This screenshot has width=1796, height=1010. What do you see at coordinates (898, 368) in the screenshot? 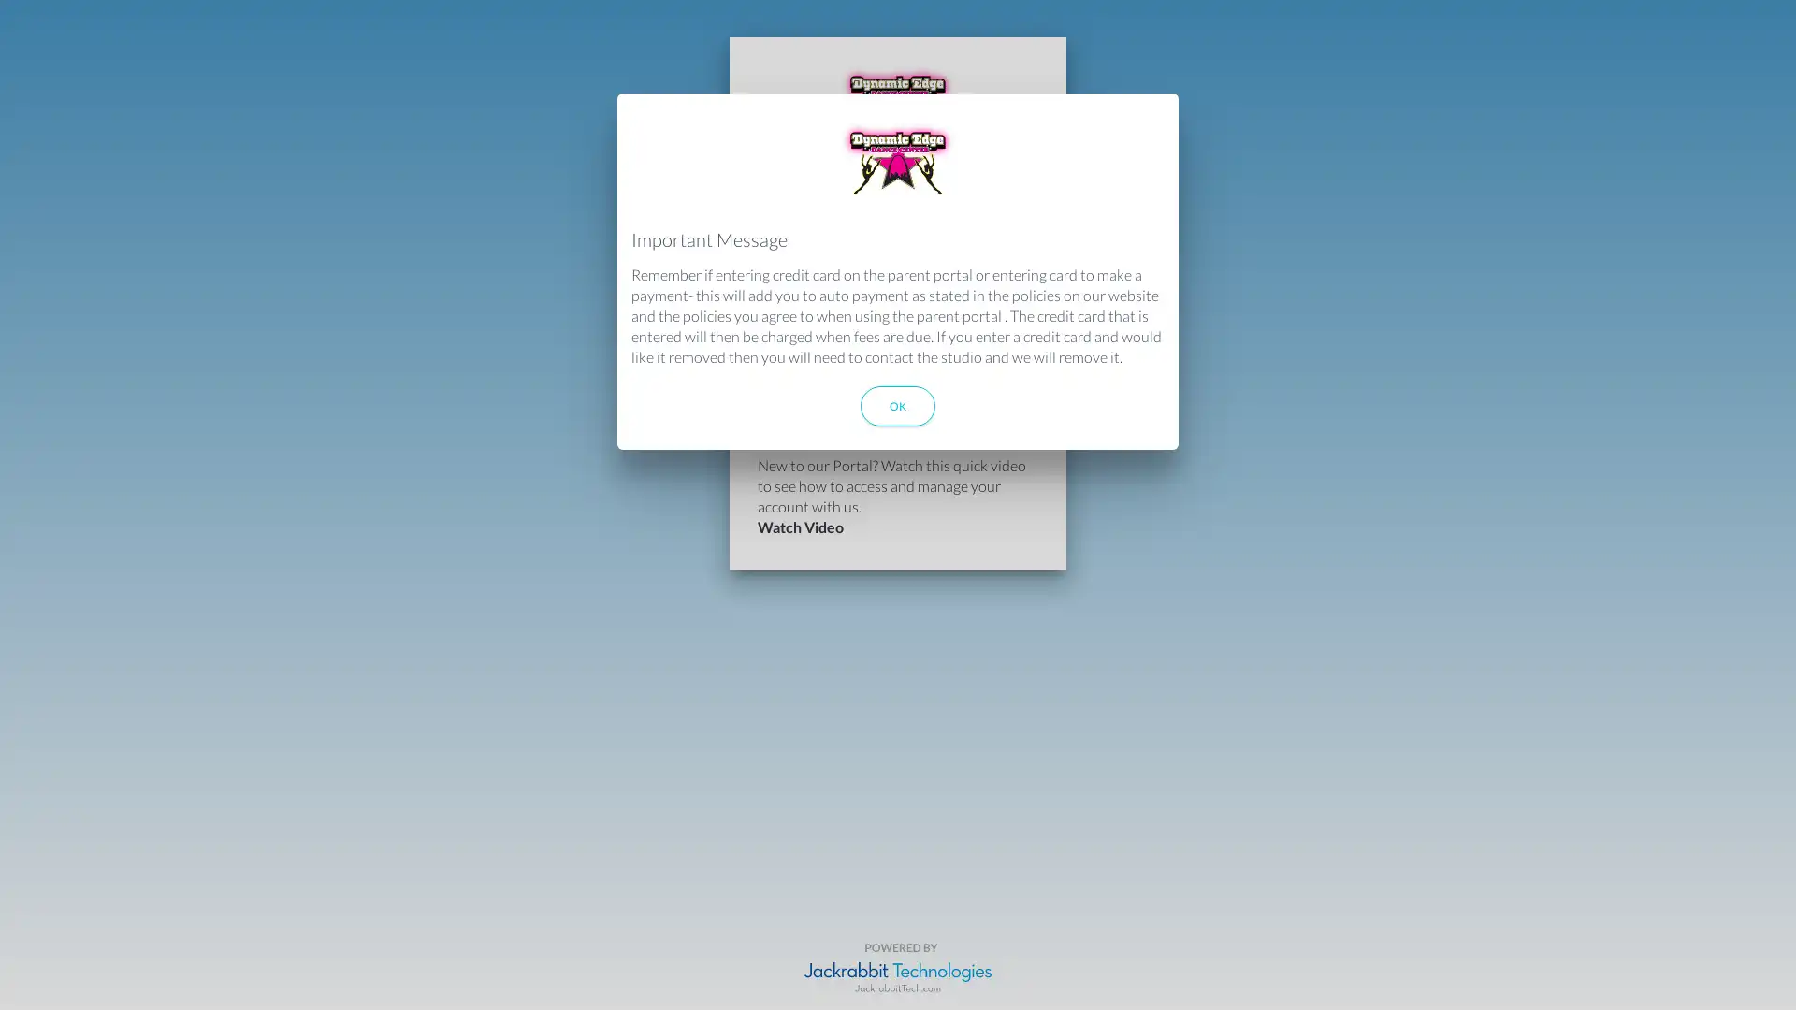
I see `SIGN IN` at bounding box center [898, 368].